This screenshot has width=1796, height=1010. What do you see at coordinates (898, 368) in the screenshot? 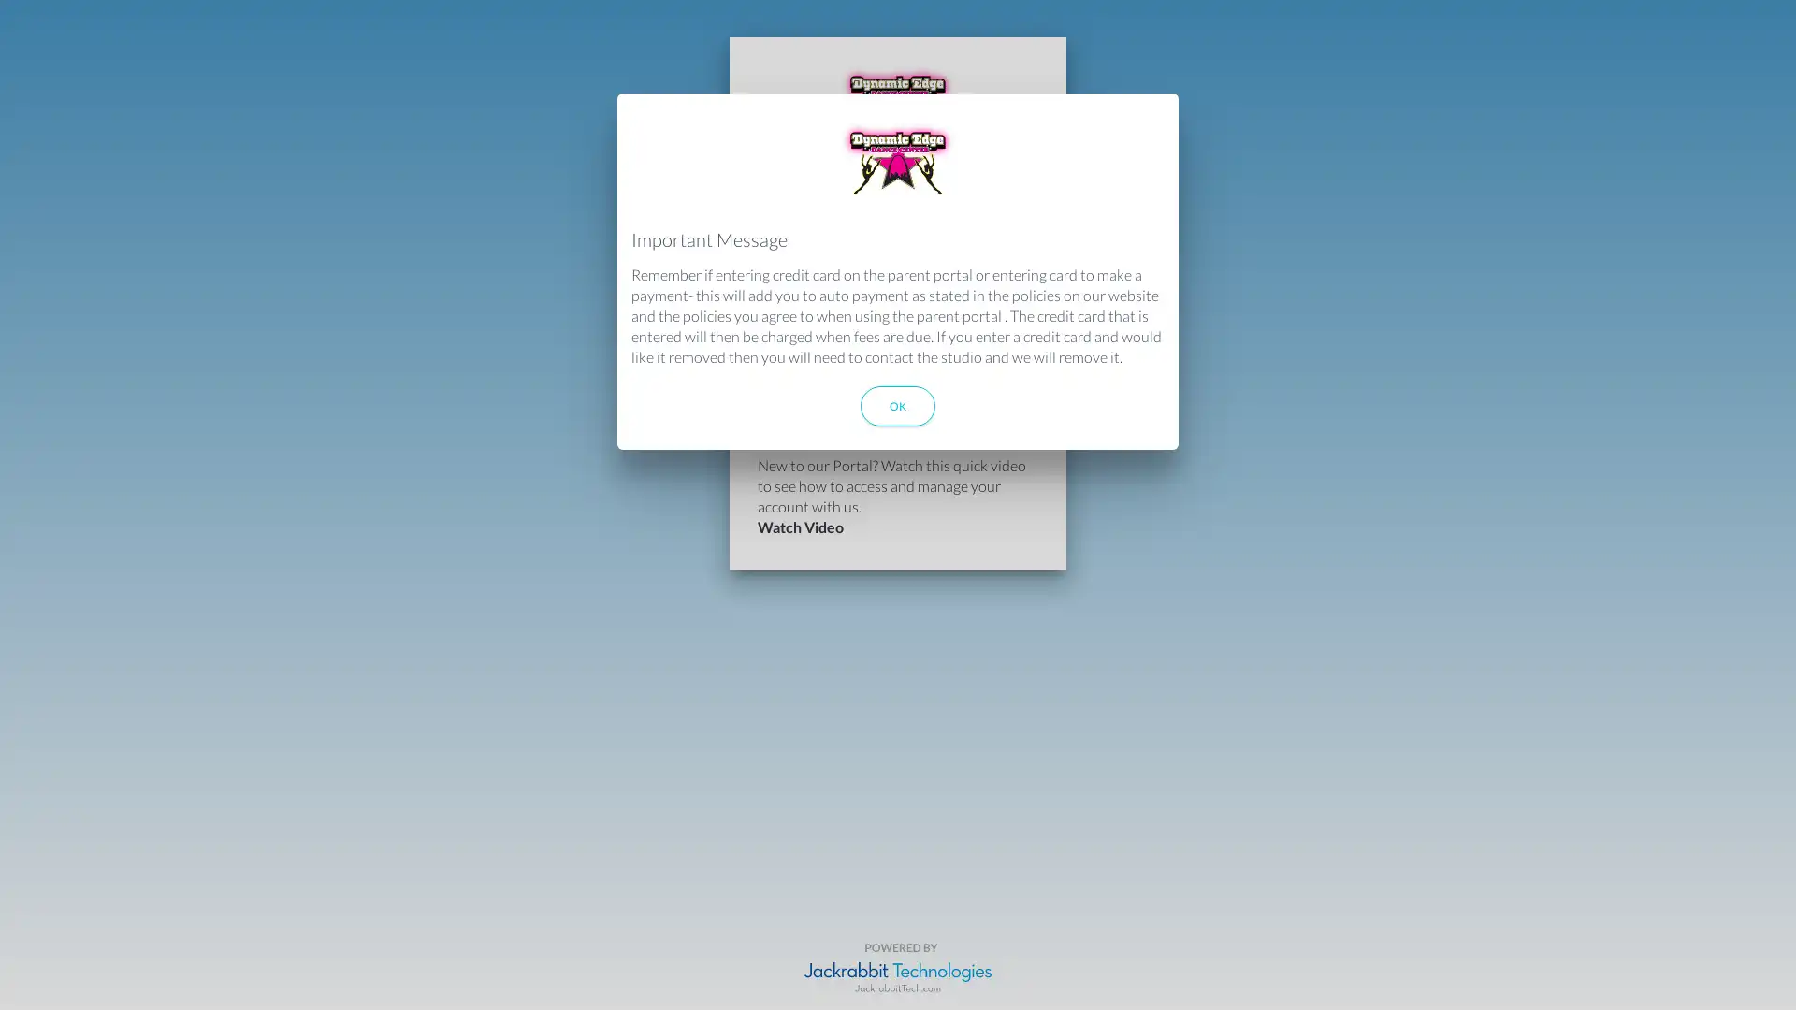
I see `SIGN IN` at bounding box center [898, 368].